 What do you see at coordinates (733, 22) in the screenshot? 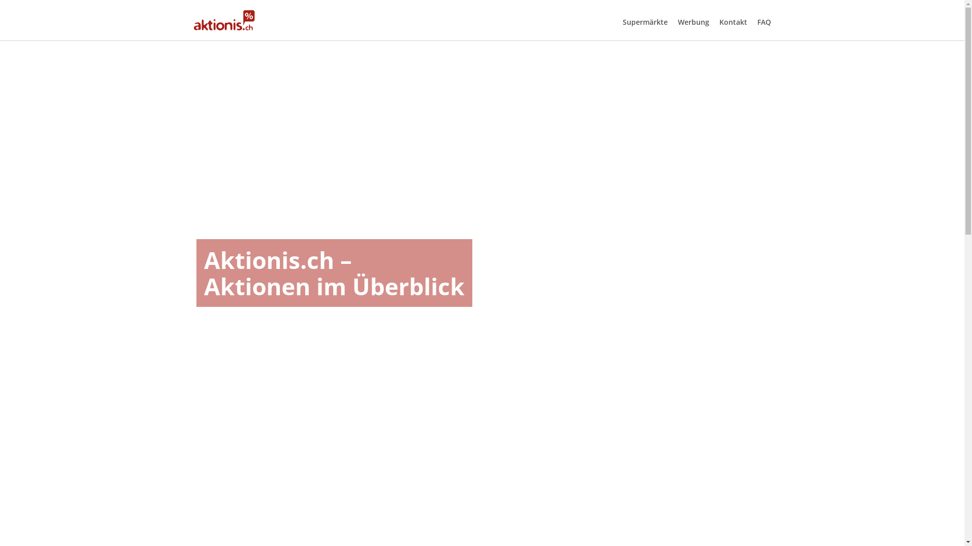
I see `'Kontakt'` at bounding box center [733, 22].